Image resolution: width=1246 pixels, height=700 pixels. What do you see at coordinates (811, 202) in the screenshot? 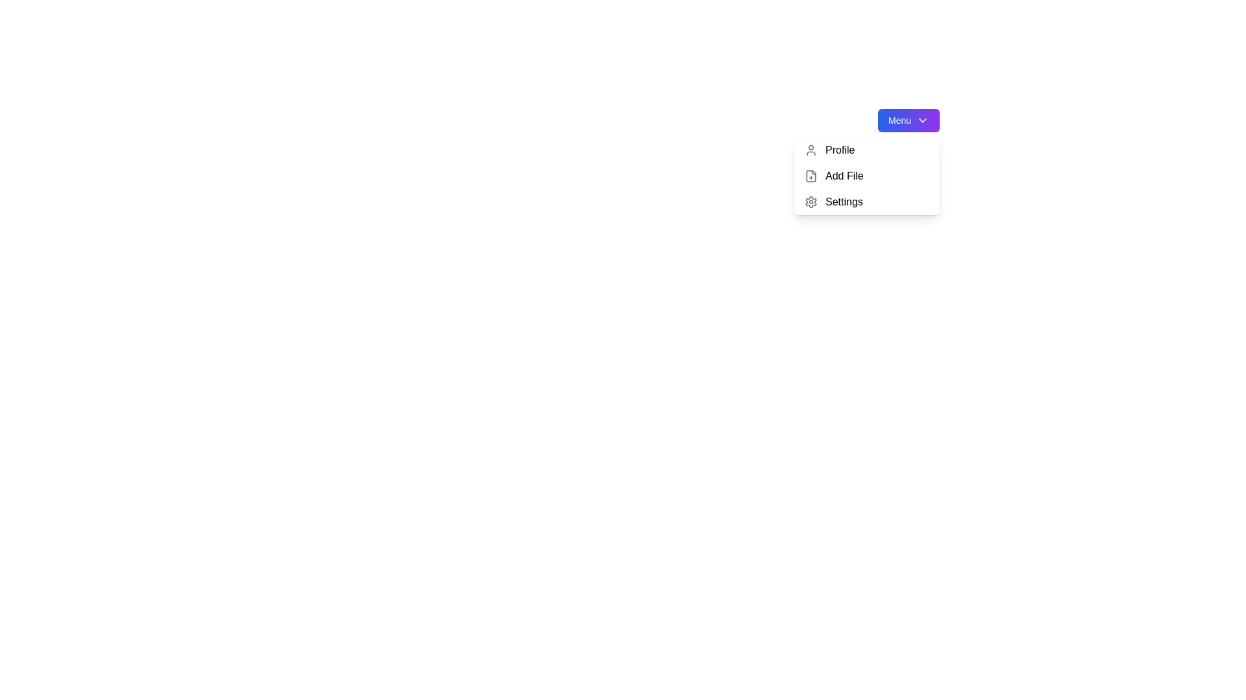
I see `the 'Settings' icon in the dropdown menu, which is the leftmost icon graphic in the third option titled 'Settings'` at bounding box center [811, 202].